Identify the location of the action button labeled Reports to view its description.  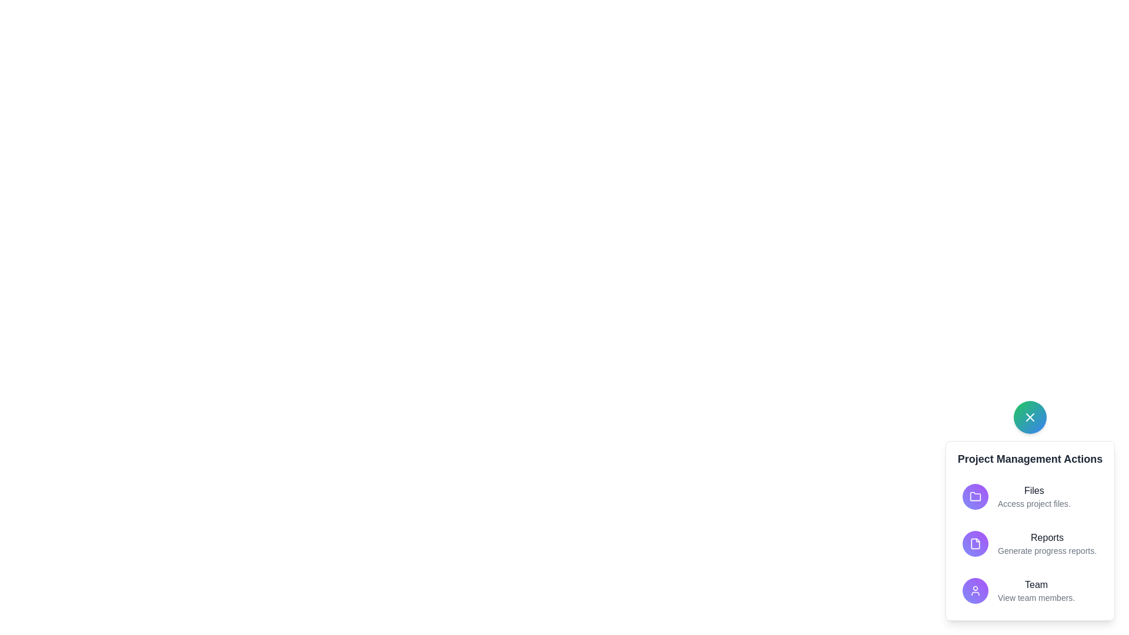
(976, 544).